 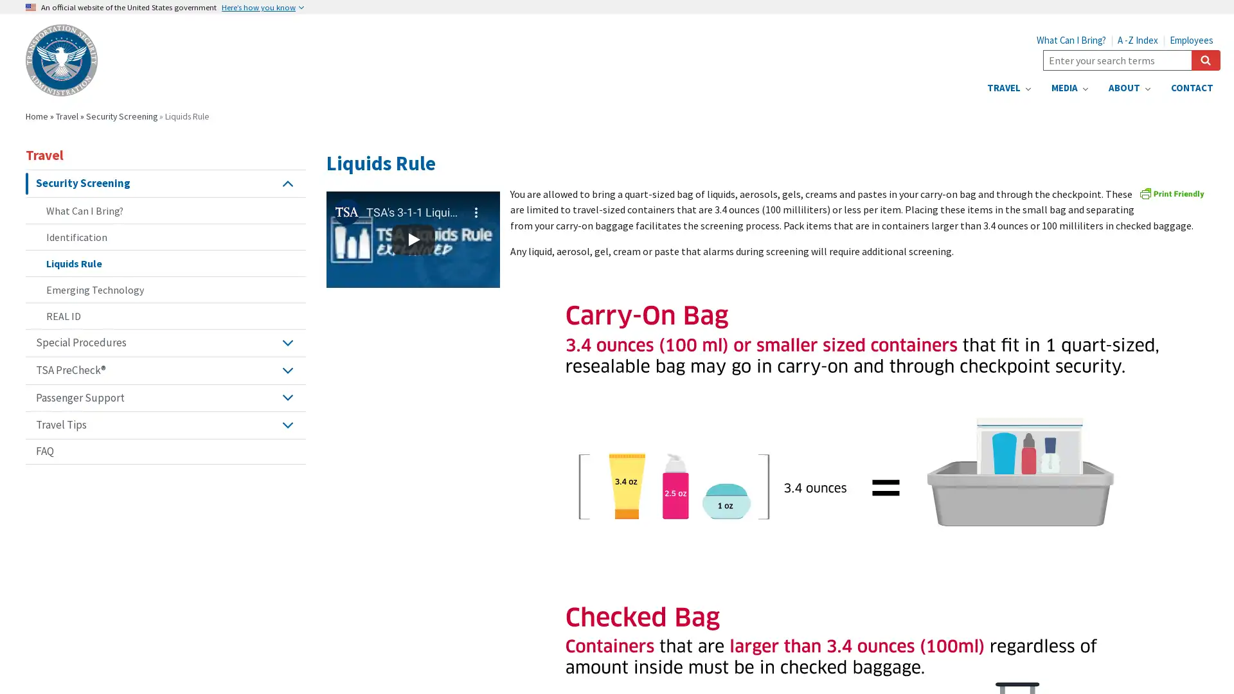 What do you see at coordinates (1205, 60) in the screenshot?
I see `Search` at bounding box center [1205, 60].